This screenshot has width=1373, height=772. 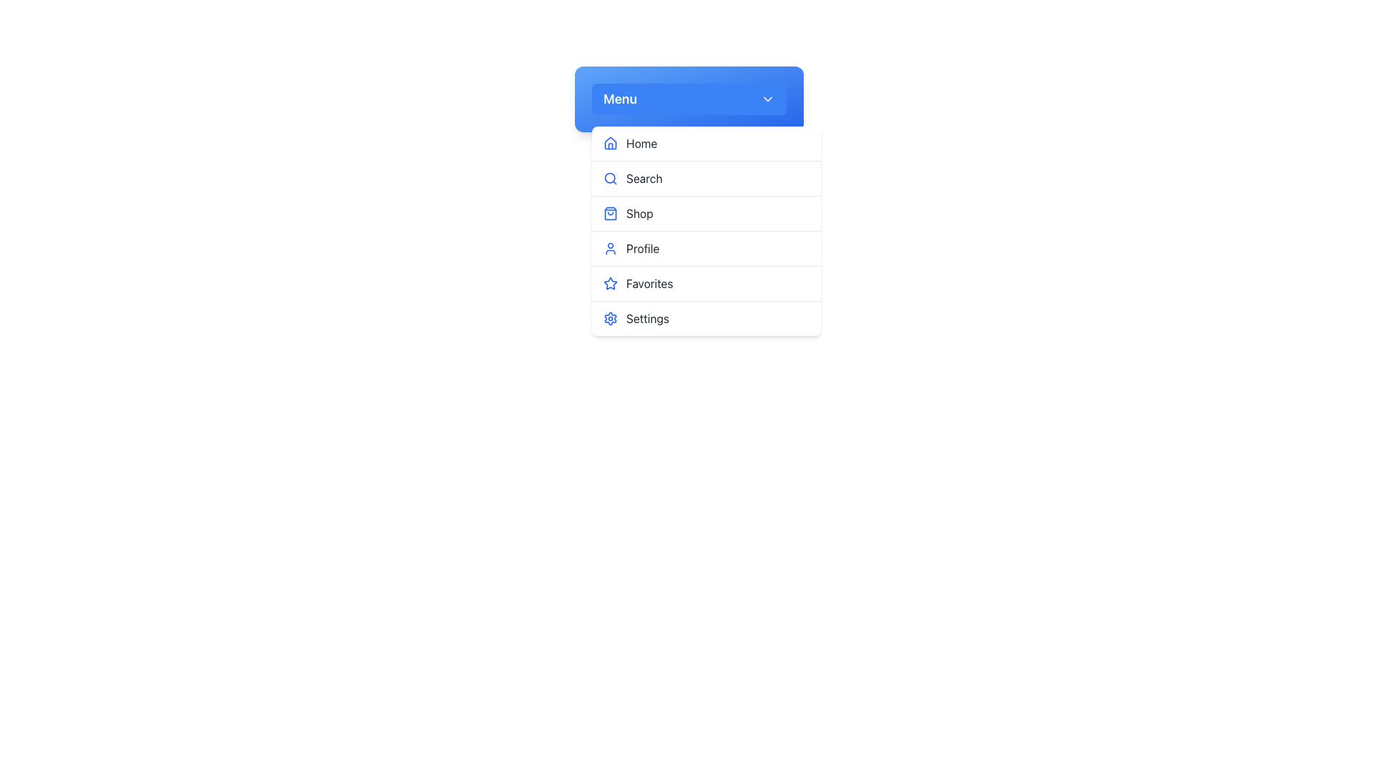 What do you see at coordinates (707, 144) in the screenshot?
I see `the 'Home' menu item, which is the first item in the vertical list of menu options` at bounding box center [707, 144].